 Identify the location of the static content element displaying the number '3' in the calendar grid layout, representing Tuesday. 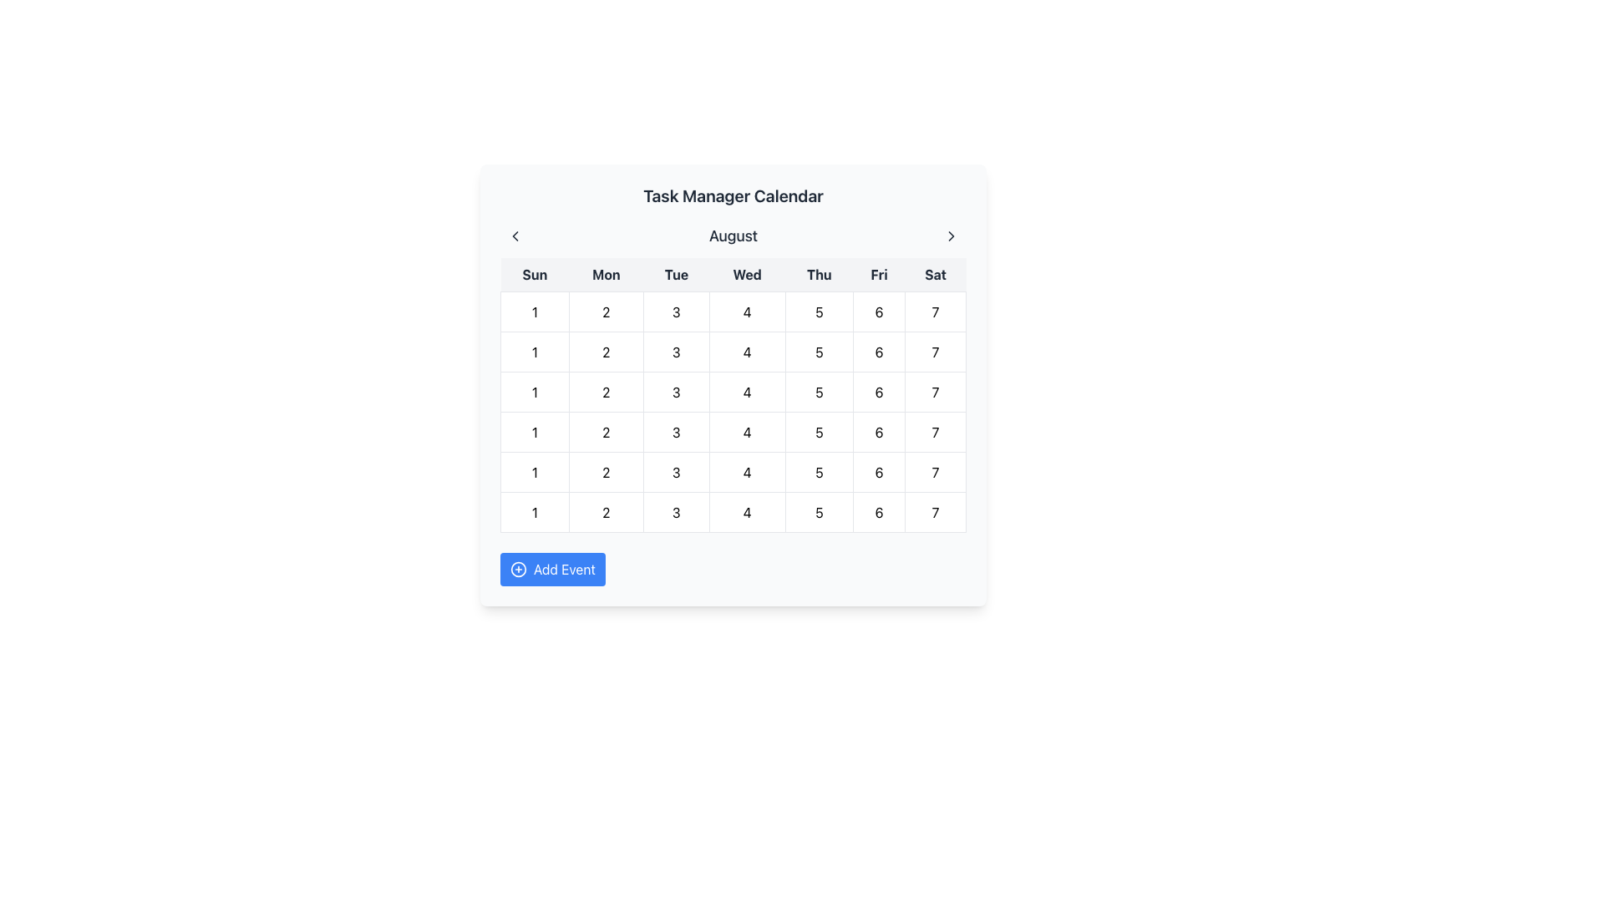
(676, 392).